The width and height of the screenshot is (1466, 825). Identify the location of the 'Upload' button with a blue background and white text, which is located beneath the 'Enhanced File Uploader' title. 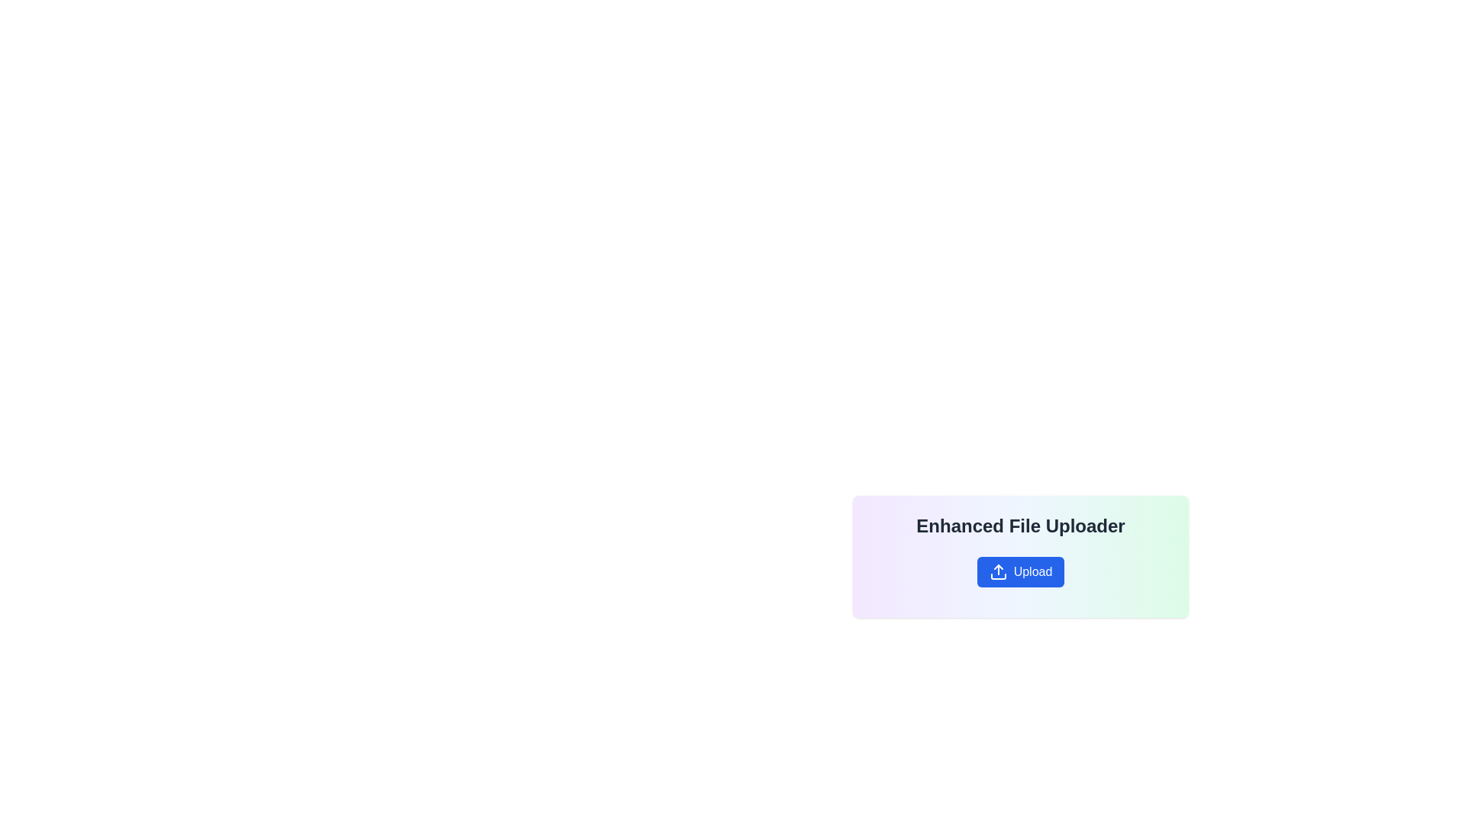
(1021, 571).